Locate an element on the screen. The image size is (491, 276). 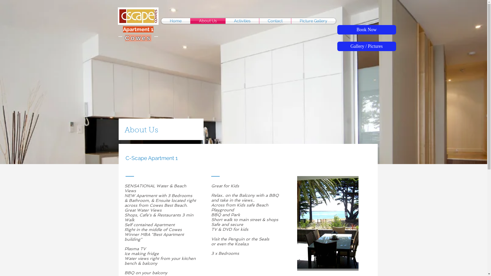
'Picture Gallery' is located at coordinates (291, 20).